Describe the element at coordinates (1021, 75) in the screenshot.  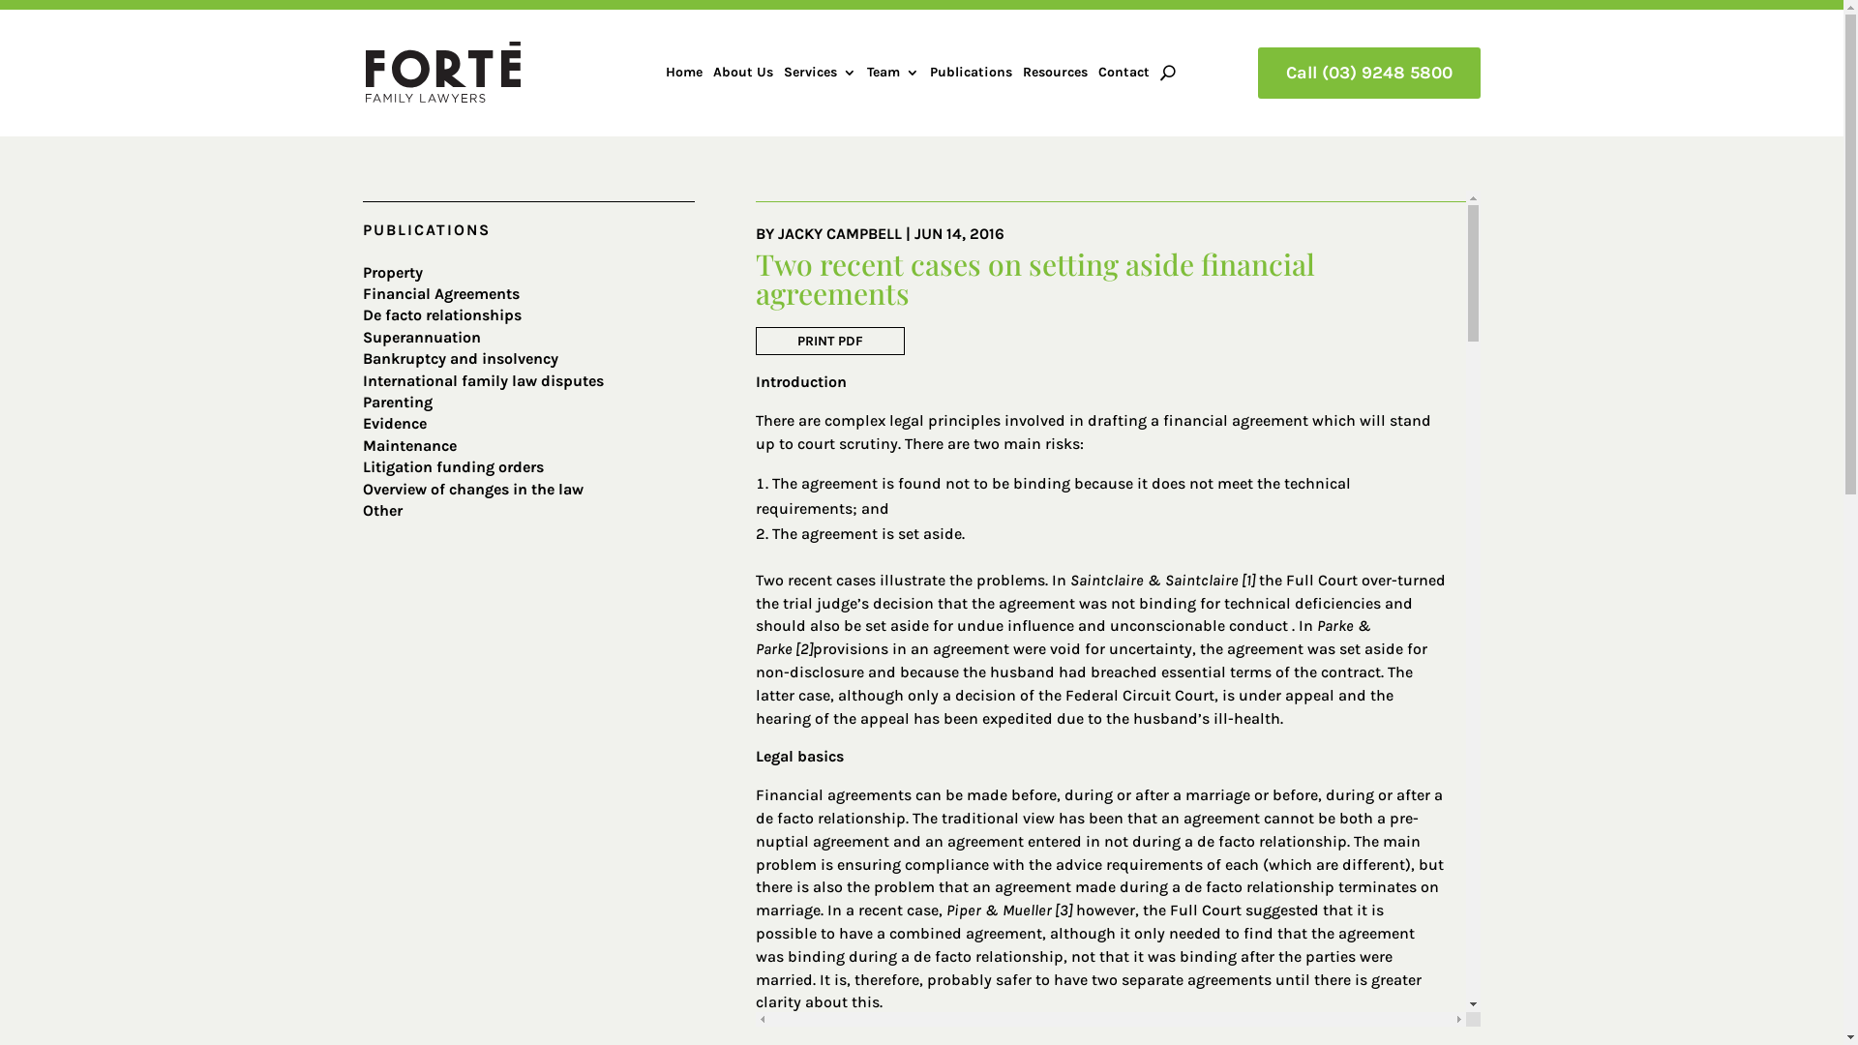
I see `'Resources'` at that location.